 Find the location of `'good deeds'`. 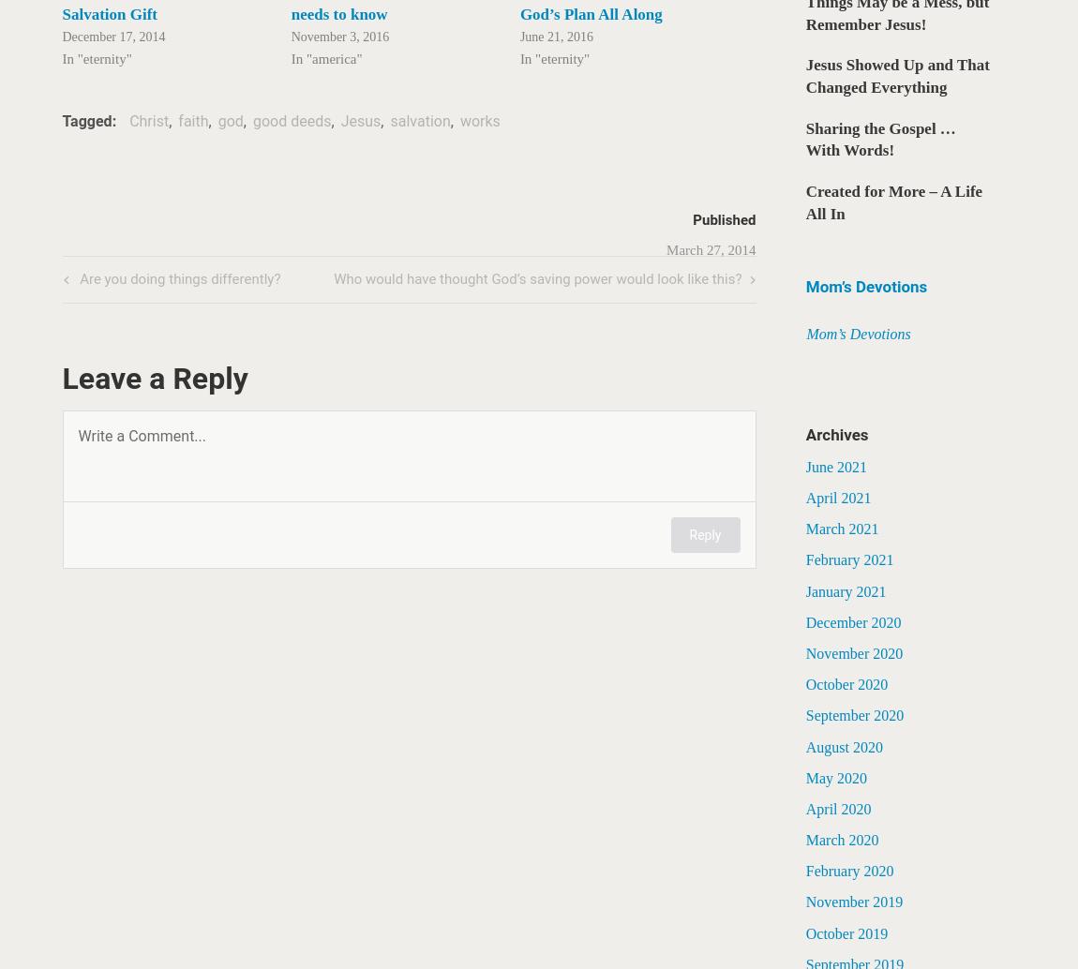

'good deeds' is located at coordinates (291, 121).